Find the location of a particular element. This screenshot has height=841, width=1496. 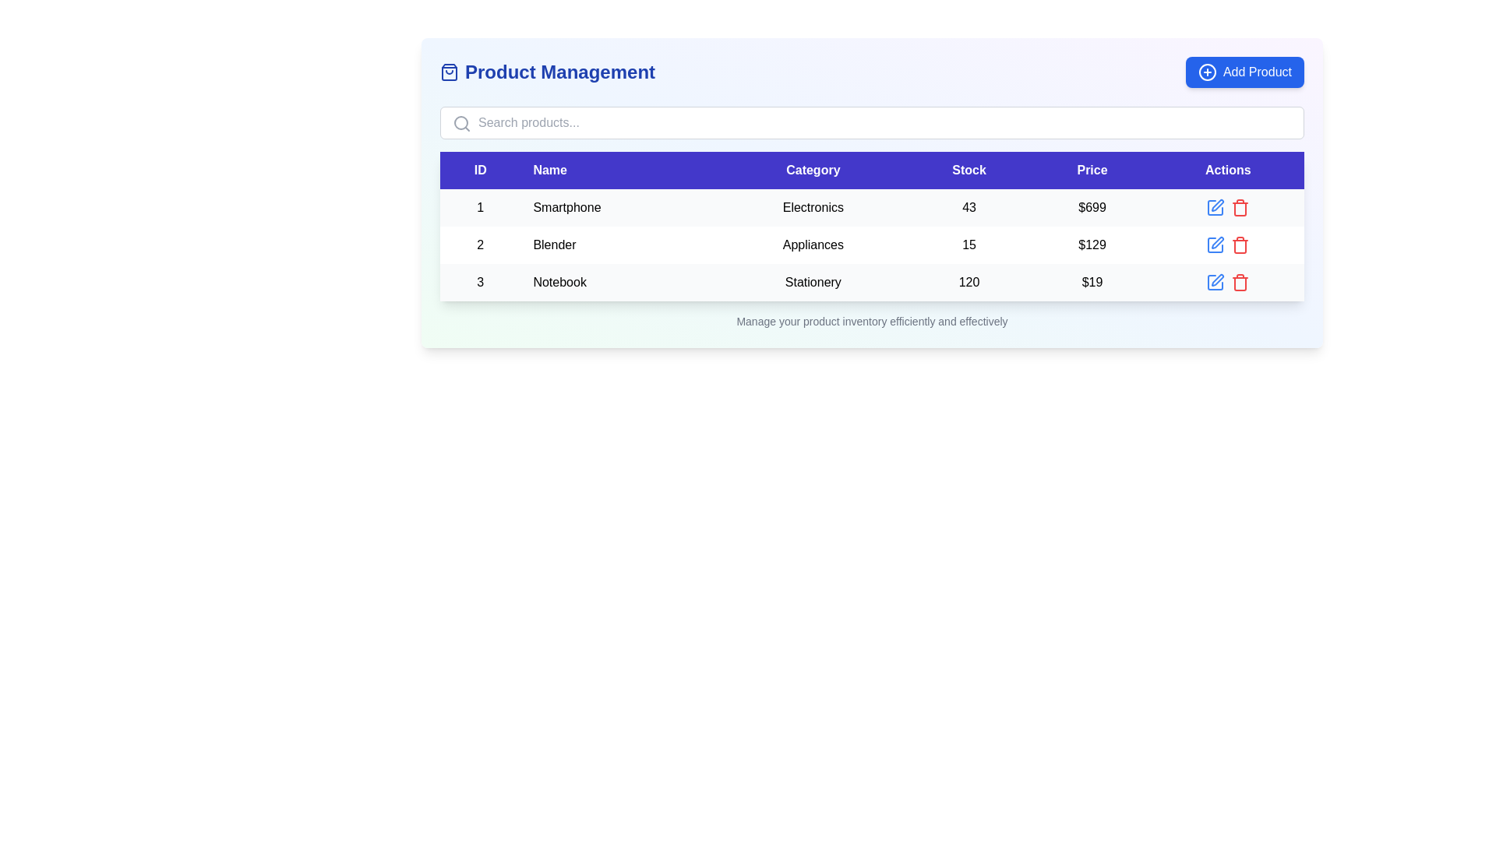

the unique identifier text for the product 'Smartphone' in the first row of the table, which links to extra details is located at coordinates (478, 206).